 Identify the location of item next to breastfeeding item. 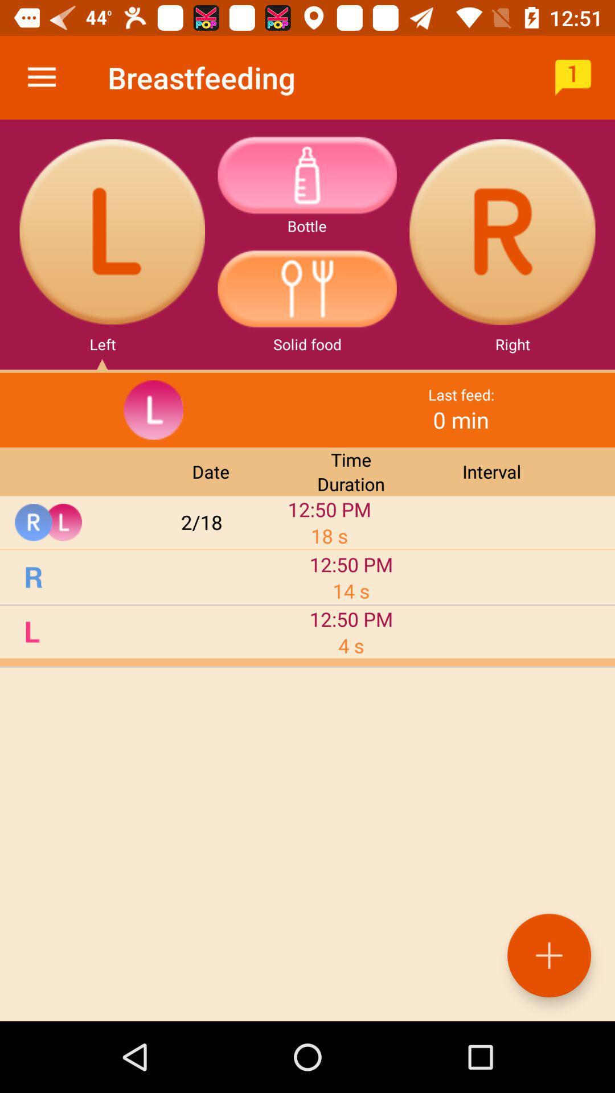
(573, 77).